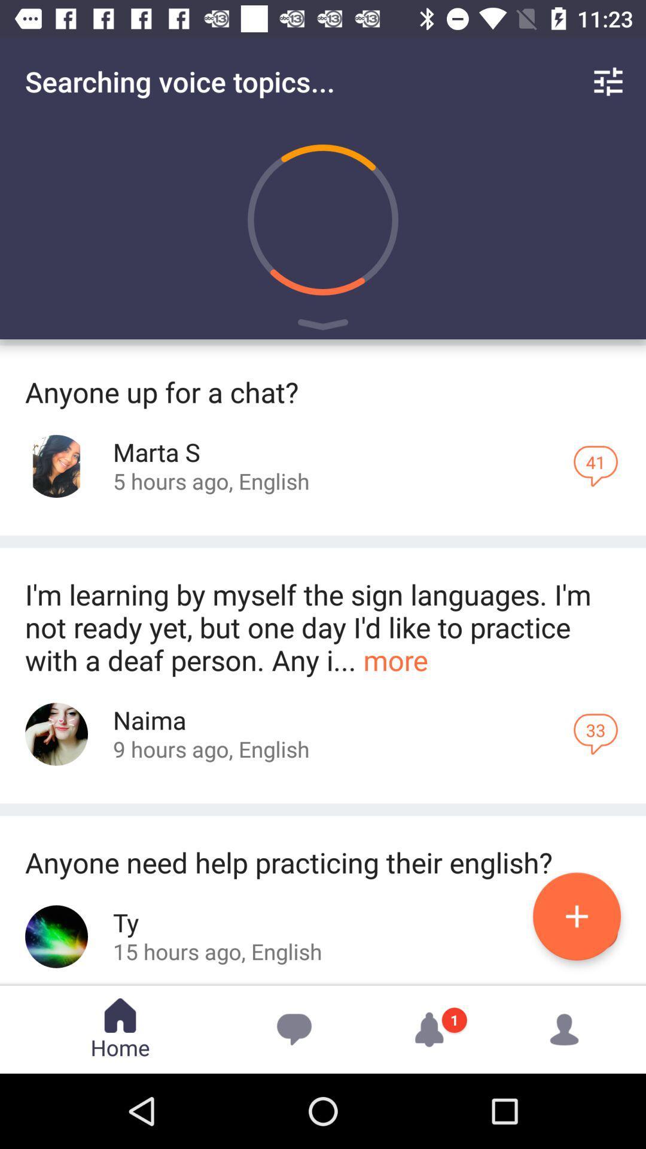 This screenshot has height=1149, width=646. I want to click on symbol, so click(323, 327).